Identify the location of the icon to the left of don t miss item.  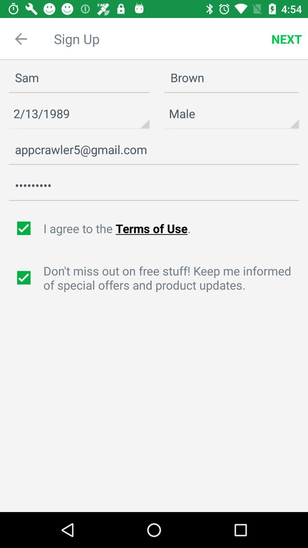
(24, 278).